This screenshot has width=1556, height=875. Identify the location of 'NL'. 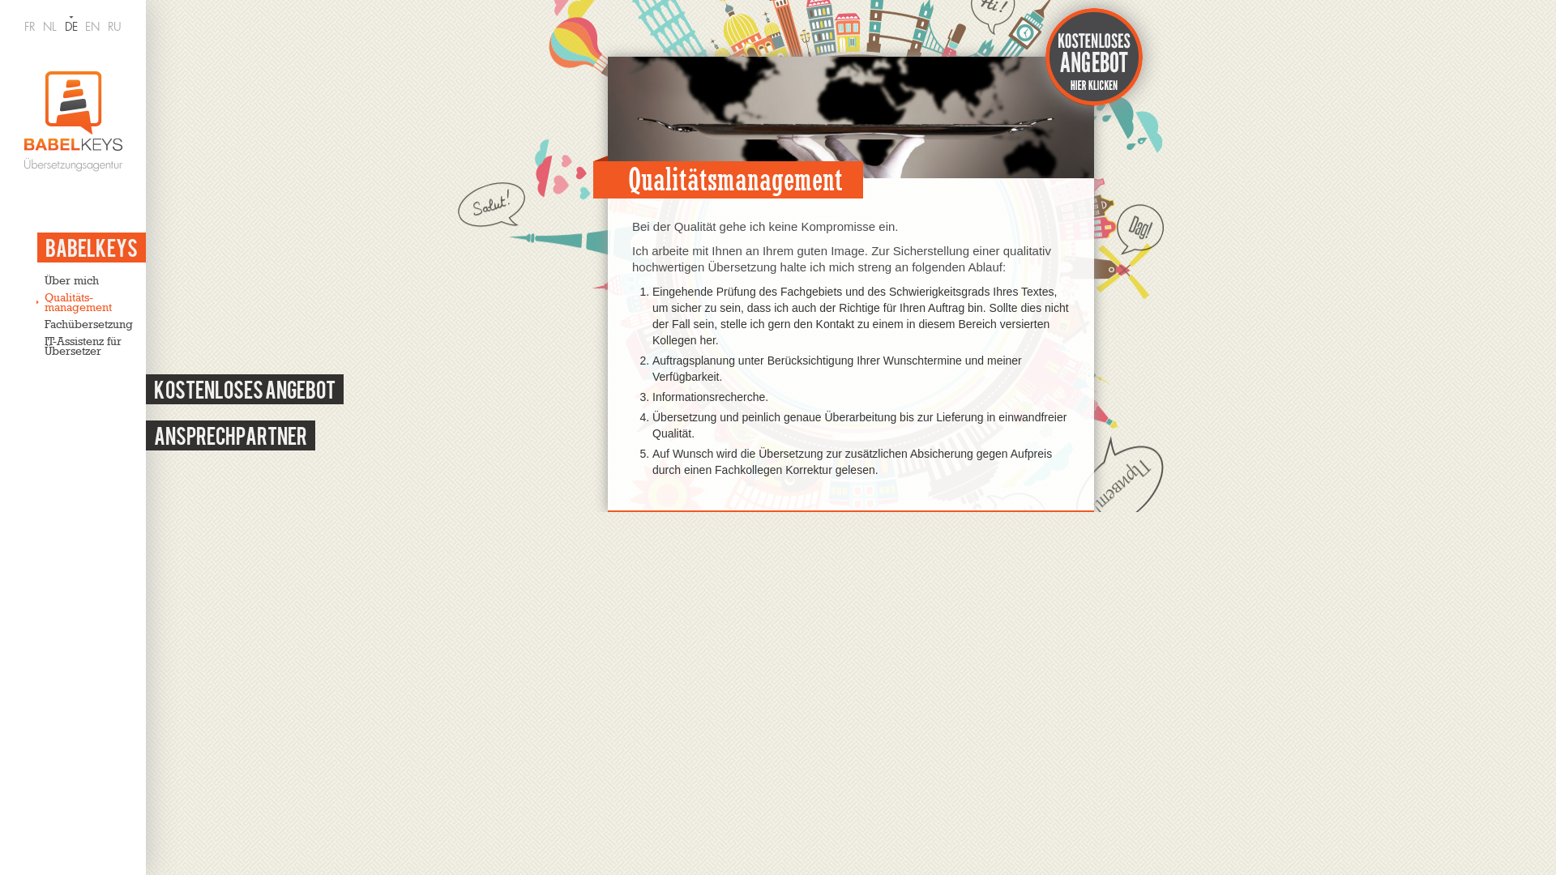
(42, 27).